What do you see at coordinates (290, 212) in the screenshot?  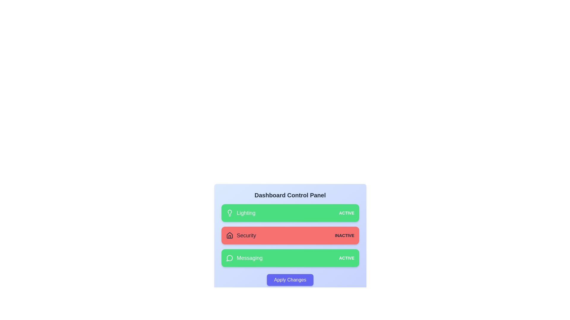 I see `the card corresponding to Lighting to toggle its state` at bounding box center [290, 212].